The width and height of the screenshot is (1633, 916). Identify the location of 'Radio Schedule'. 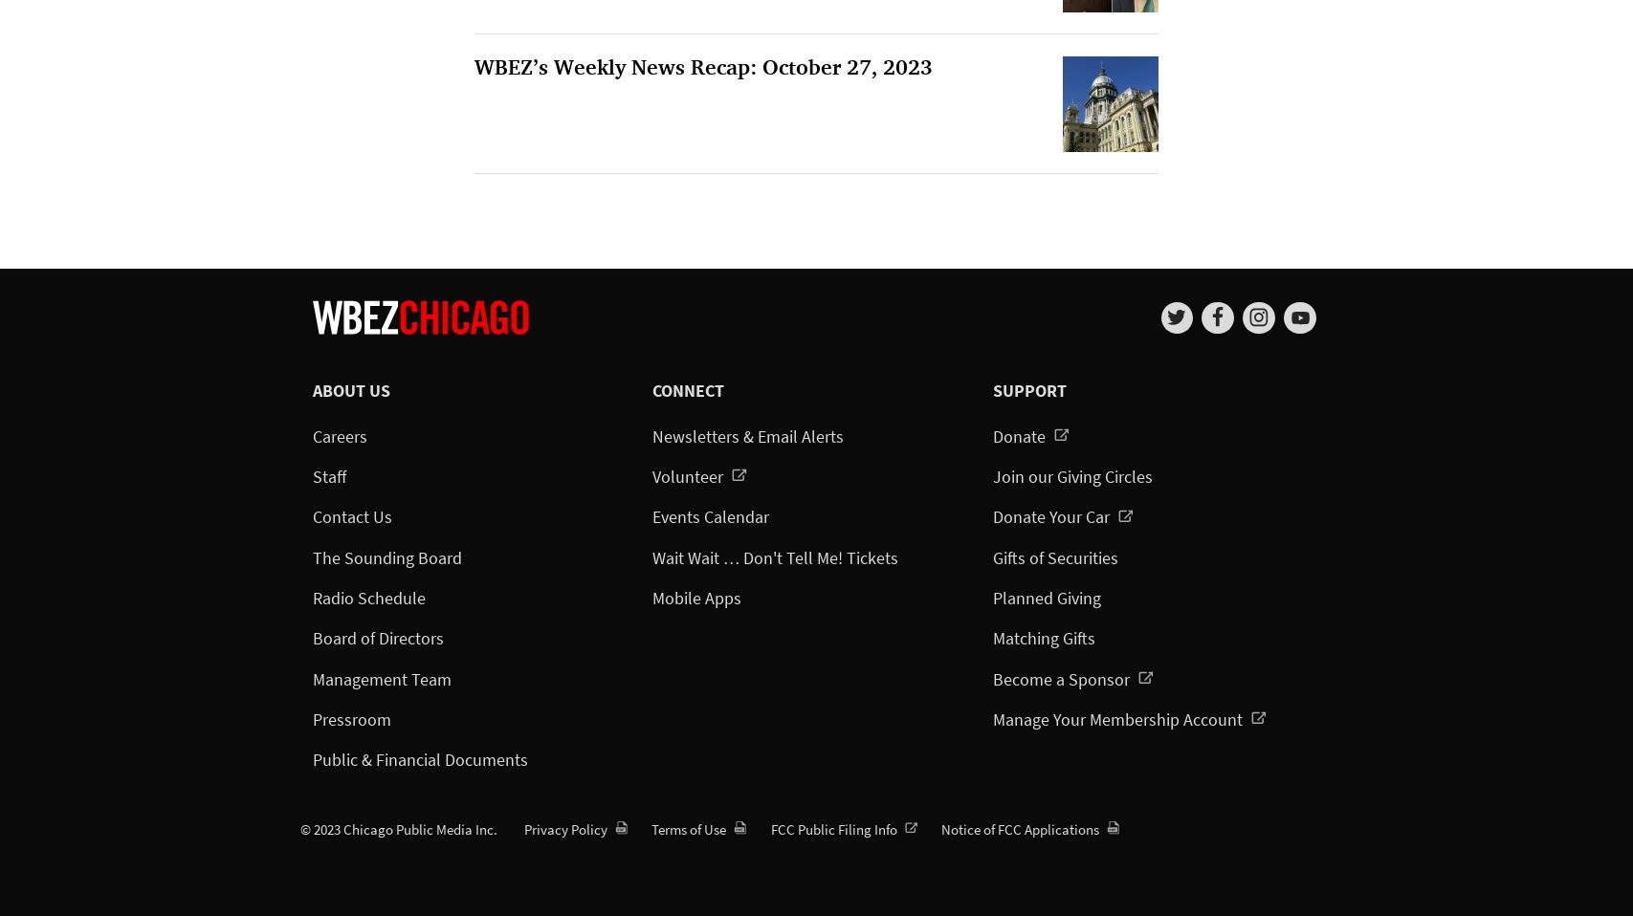
(367, 597).